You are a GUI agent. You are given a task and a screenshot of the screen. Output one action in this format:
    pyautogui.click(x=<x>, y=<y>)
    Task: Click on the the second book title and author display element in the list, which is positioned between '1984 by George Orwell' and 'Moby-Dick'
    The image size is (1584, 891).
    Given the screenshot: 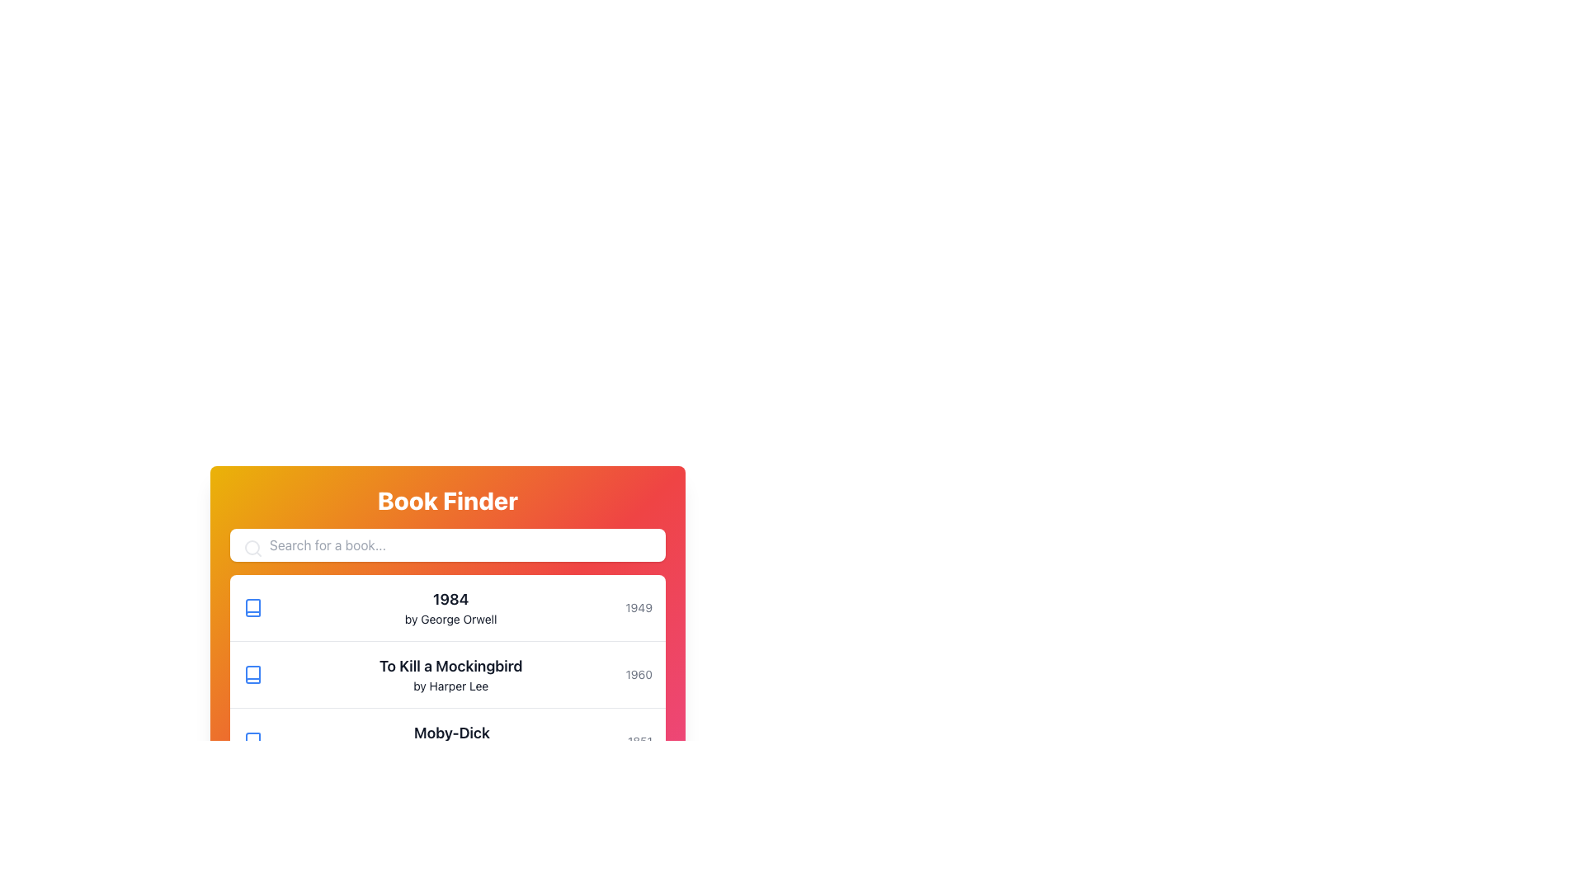 What is the action you would take?
    pyautogui.click(x=450, y=674)
    